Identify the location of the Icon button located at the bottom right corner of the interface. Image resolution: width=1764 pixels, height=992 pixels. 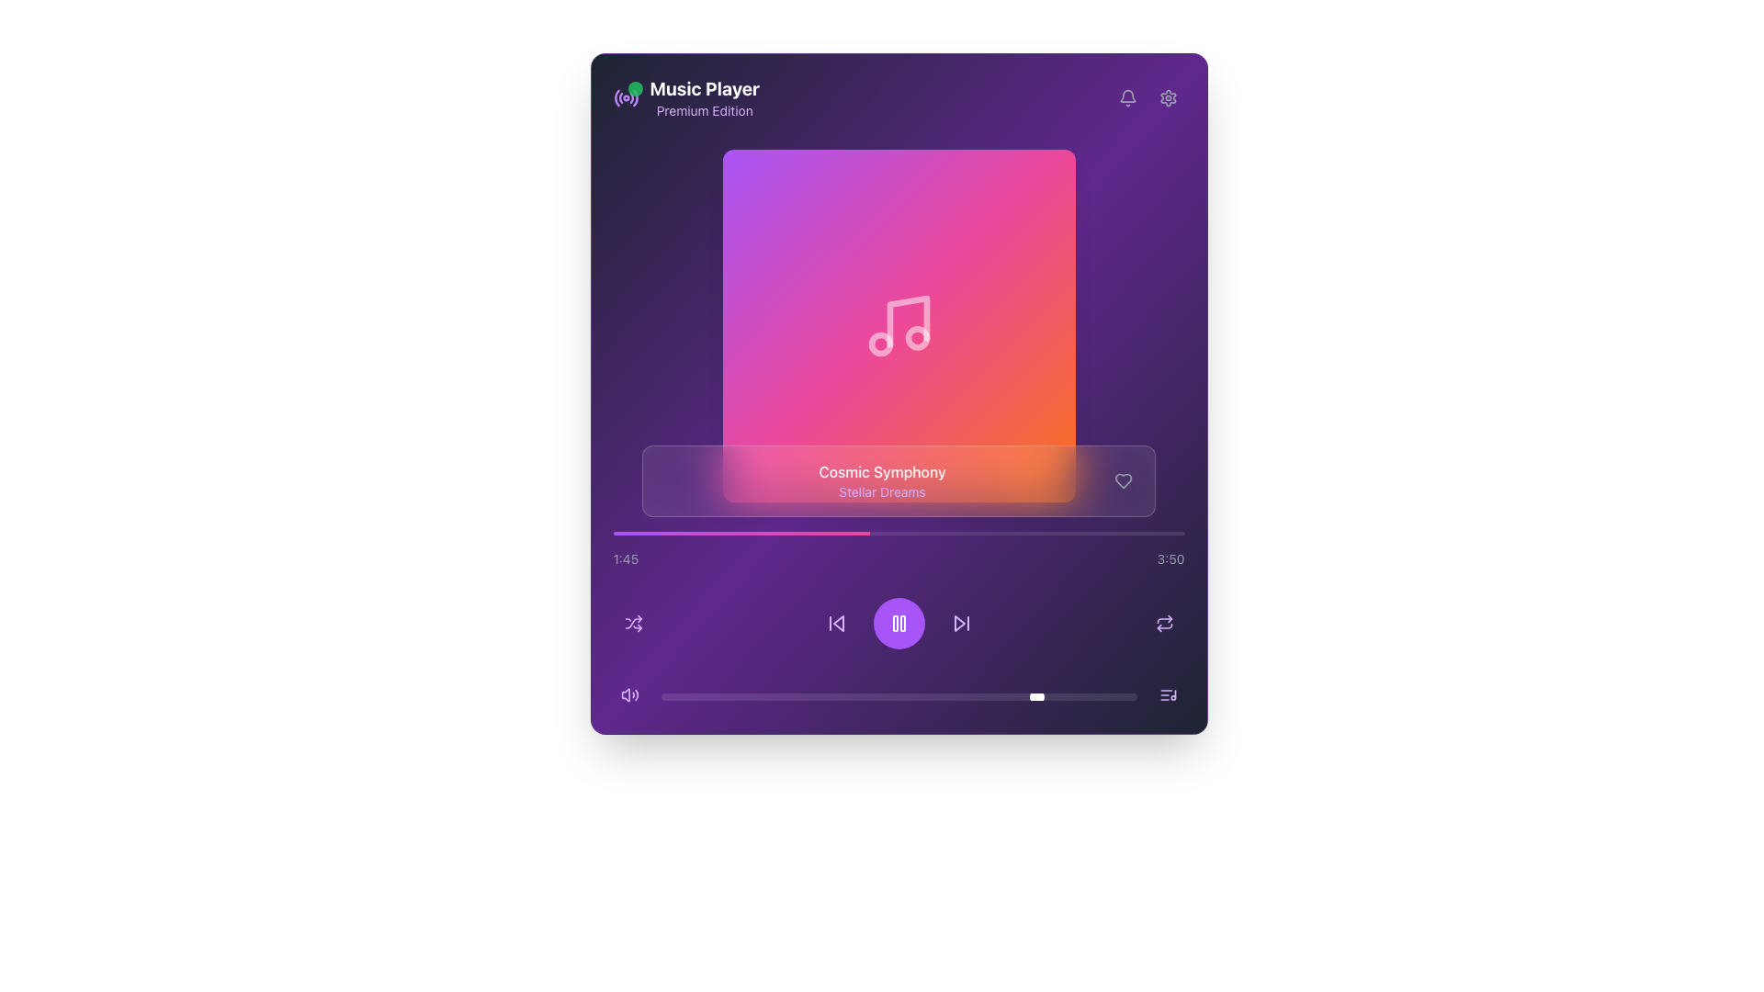
(1167, 694).